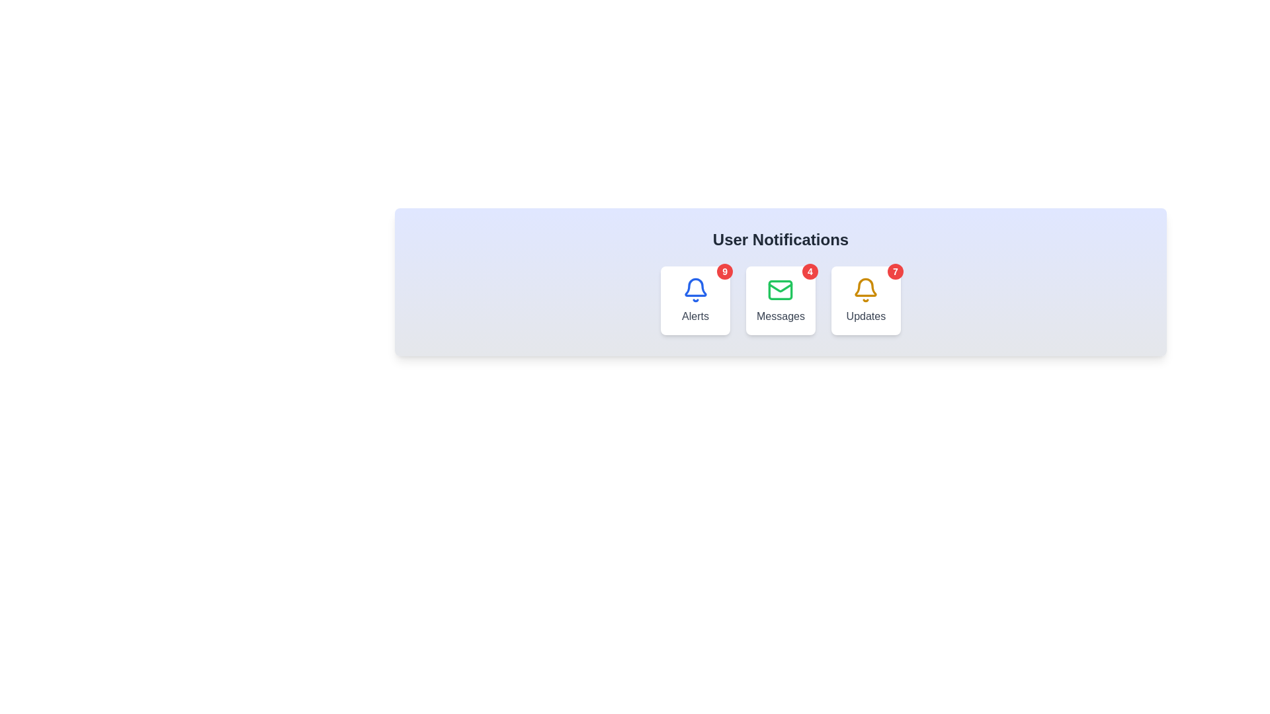 Image resolution: width=1270 pixels, height=714 pixels. What do you see at coordinates (781, 316) in the screenshot?
I see `the Text Label that describes the messages in the white card with a green envelope icon and a red badge showing the number 4` at bounding box center [781, 316].